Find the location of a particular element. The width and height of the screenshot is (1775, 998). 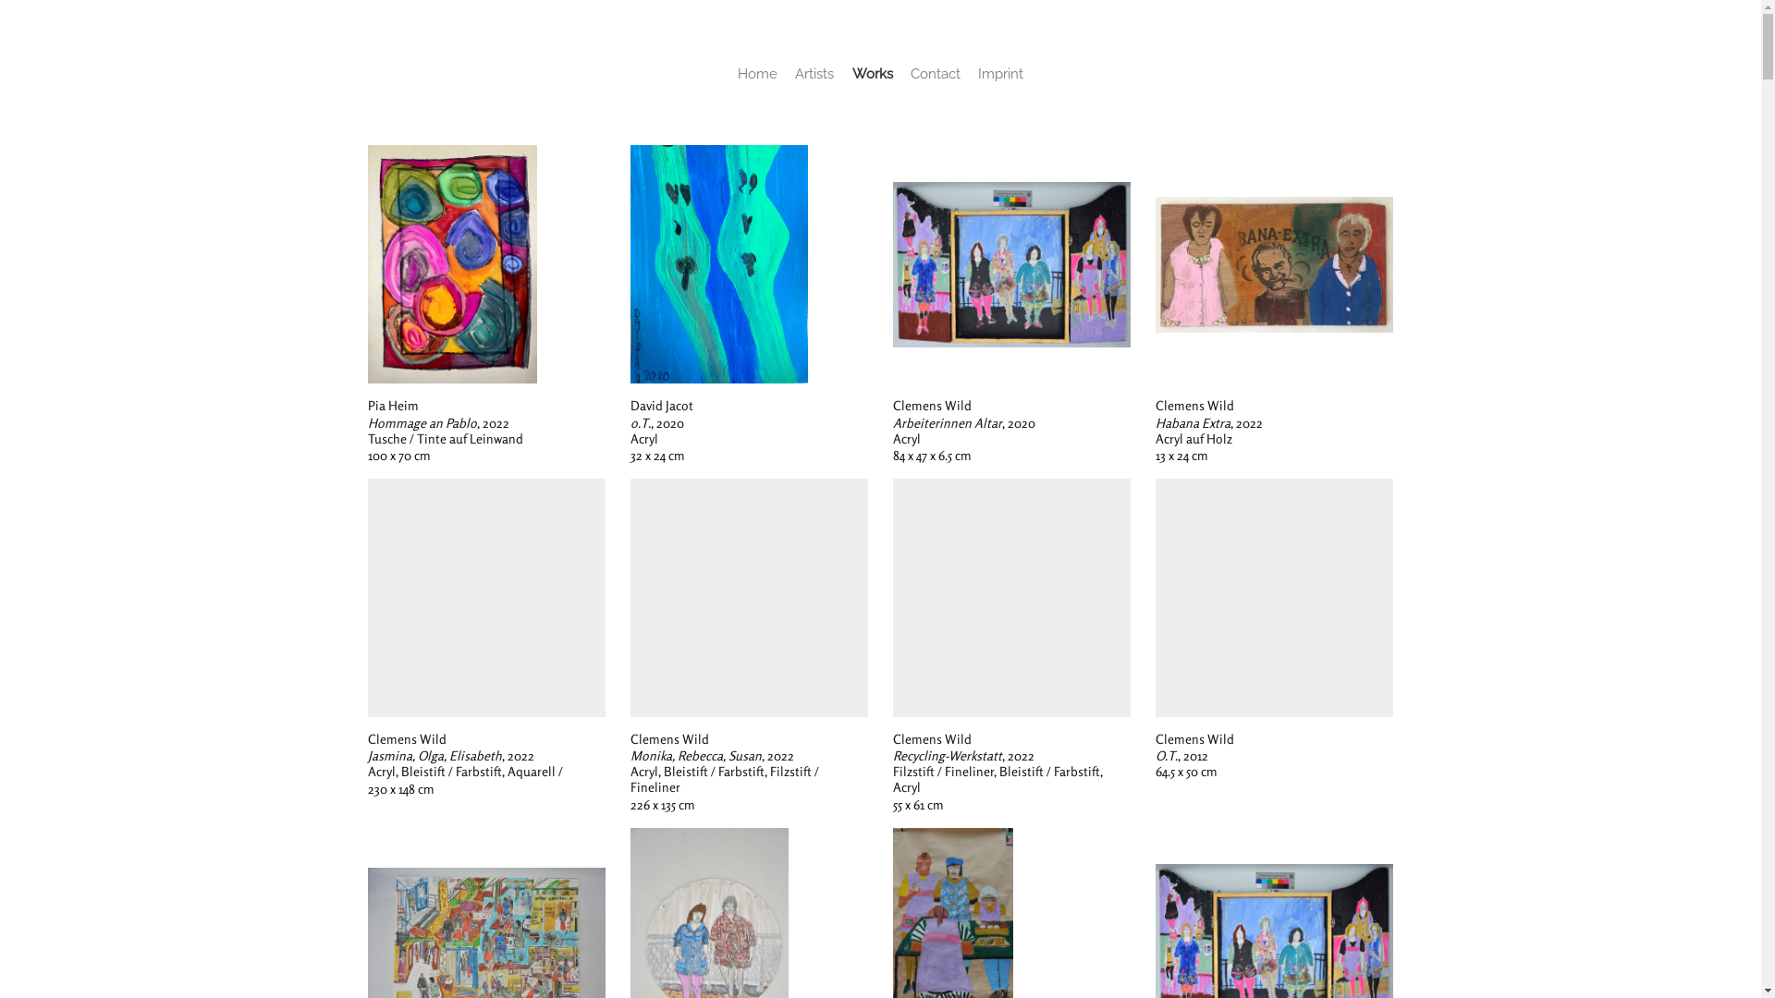

'Works' is located at coordinates (872, 73).